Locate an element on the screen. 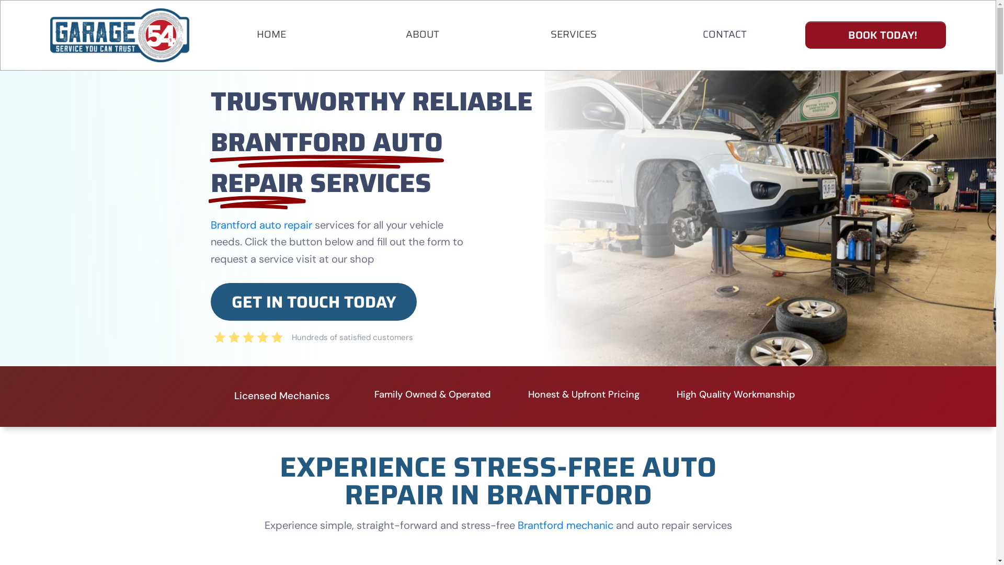 The width and height of the screenshot is (1004, 565). 'BOOK TODAY!' is located at coordinates (875, 34).